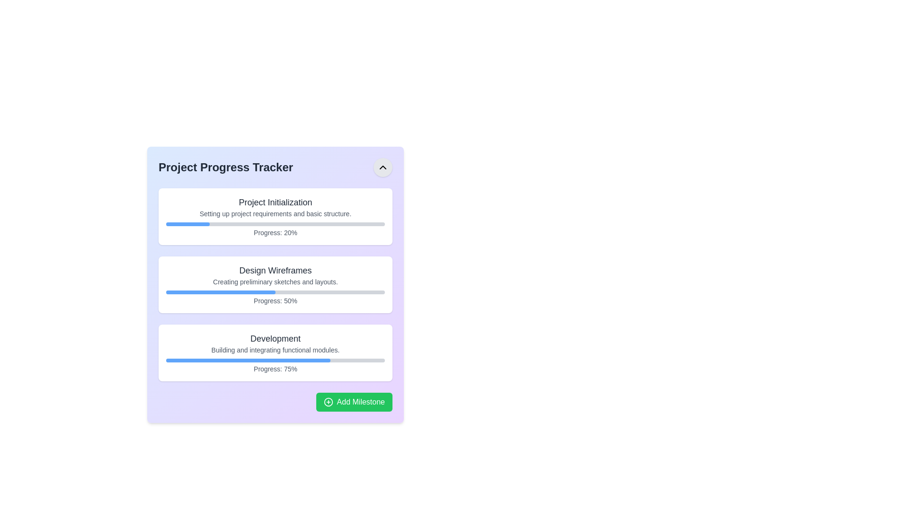 This screenshot has width=909, height=511. What do you see at coordinates (383, 167) in the screenshot?
I see `the circular button with a light gray background and a black upward-pointing chevron icon at the center to initiate the collapse action` at bounding box center [383, 167].